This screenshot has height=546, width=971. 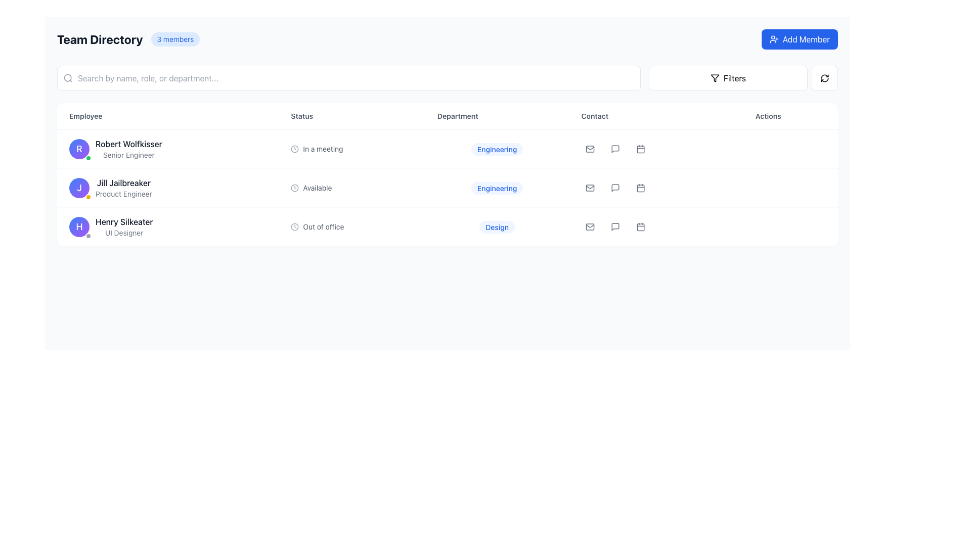 What do you see at coordinates (714, 77) in the screenshot?
I see `the filtering icon located in the upper-right region of the interface within the 'Filters' button` at bounding box center [714, 77].